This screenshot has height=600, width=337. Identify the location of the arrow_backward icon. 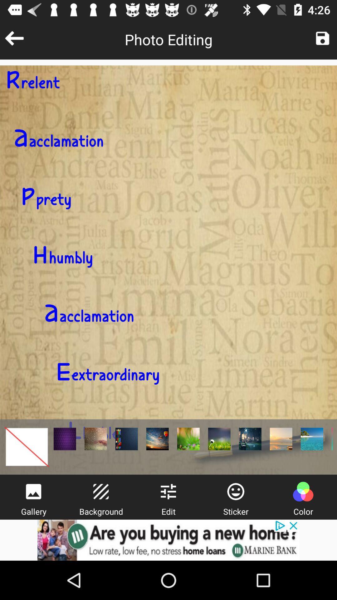
(14, 38).